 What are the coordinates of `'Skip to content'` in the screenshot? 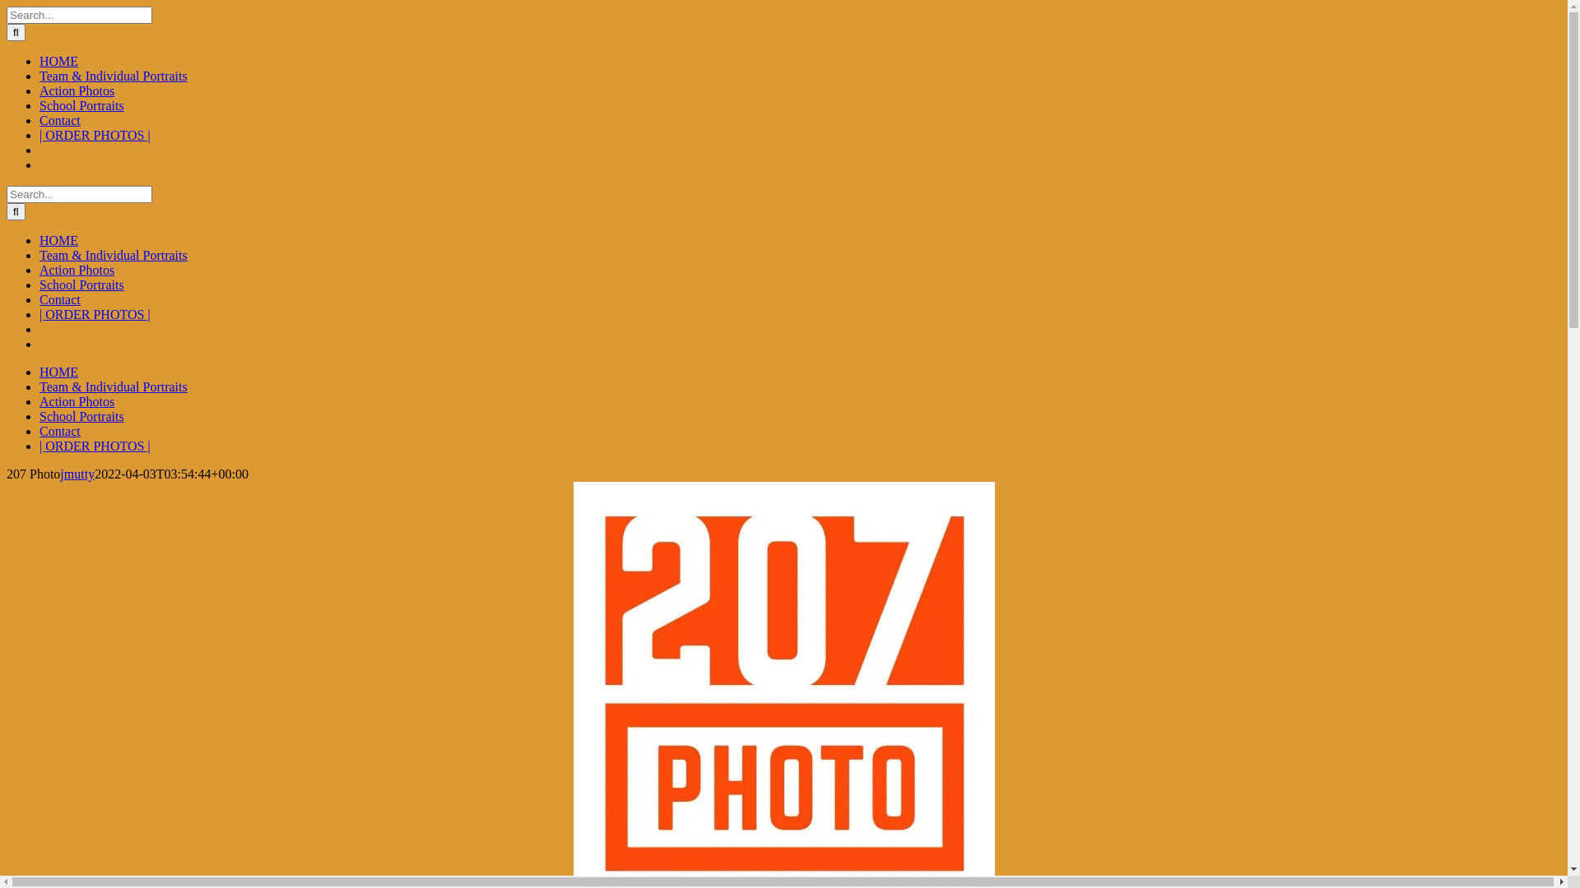 It's located at (6, 6).